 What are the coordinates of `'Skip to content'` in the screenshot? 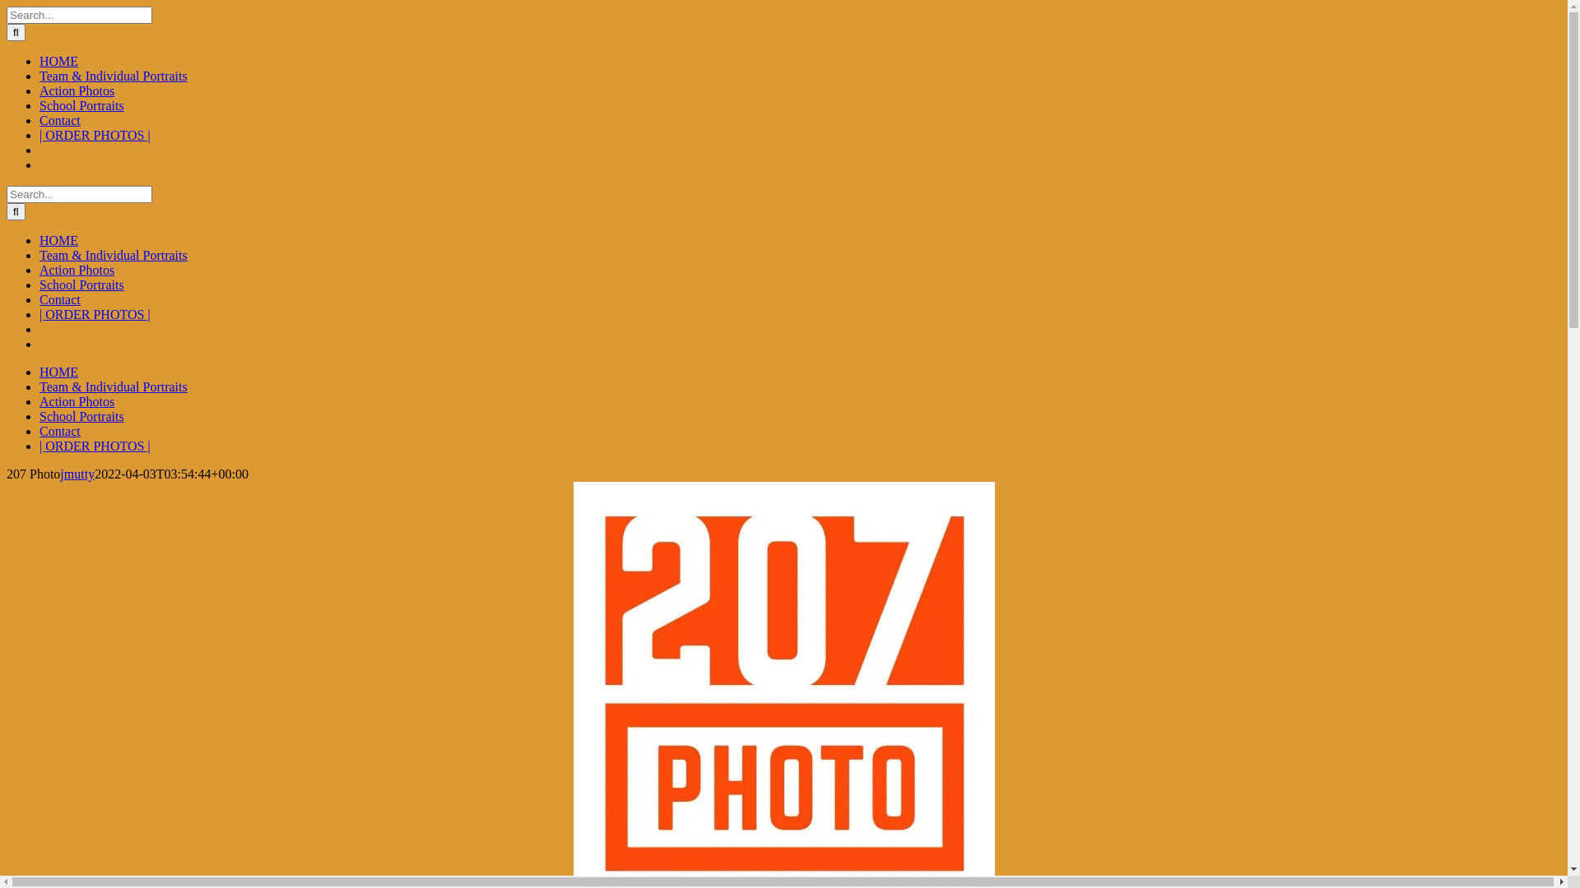 It's located at (6, 6).